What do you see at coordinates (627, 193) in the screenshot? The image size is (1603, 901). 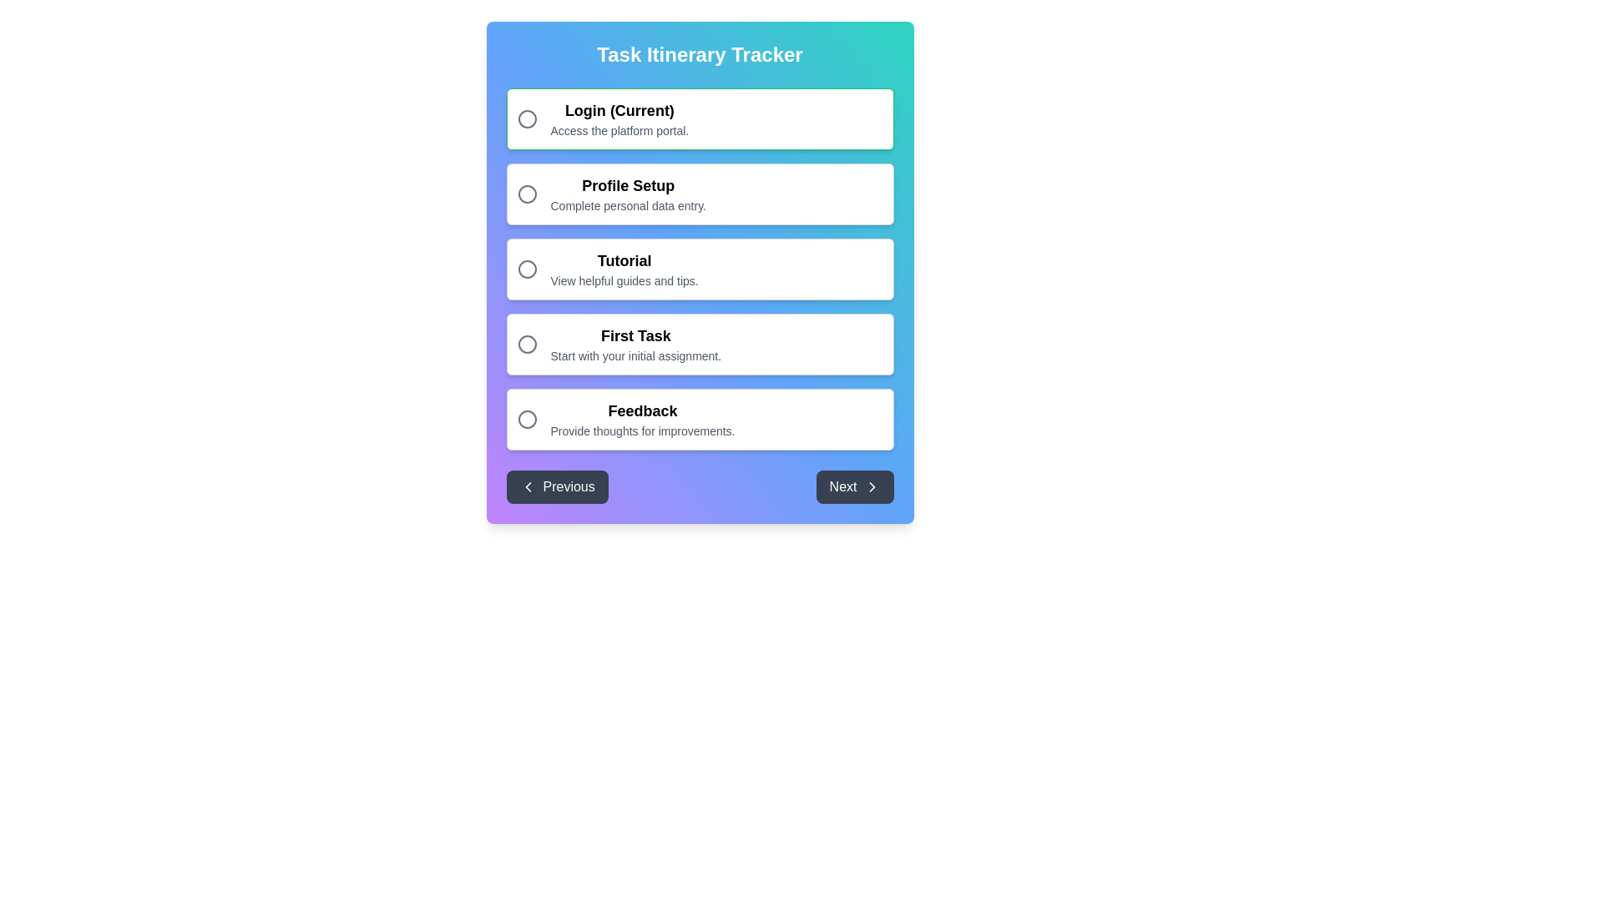 I see `information presented in the text block labeled 'Profile Setup' which contains the instructions to 'Complete personal data entry.'` at bounding box center [627, 193].